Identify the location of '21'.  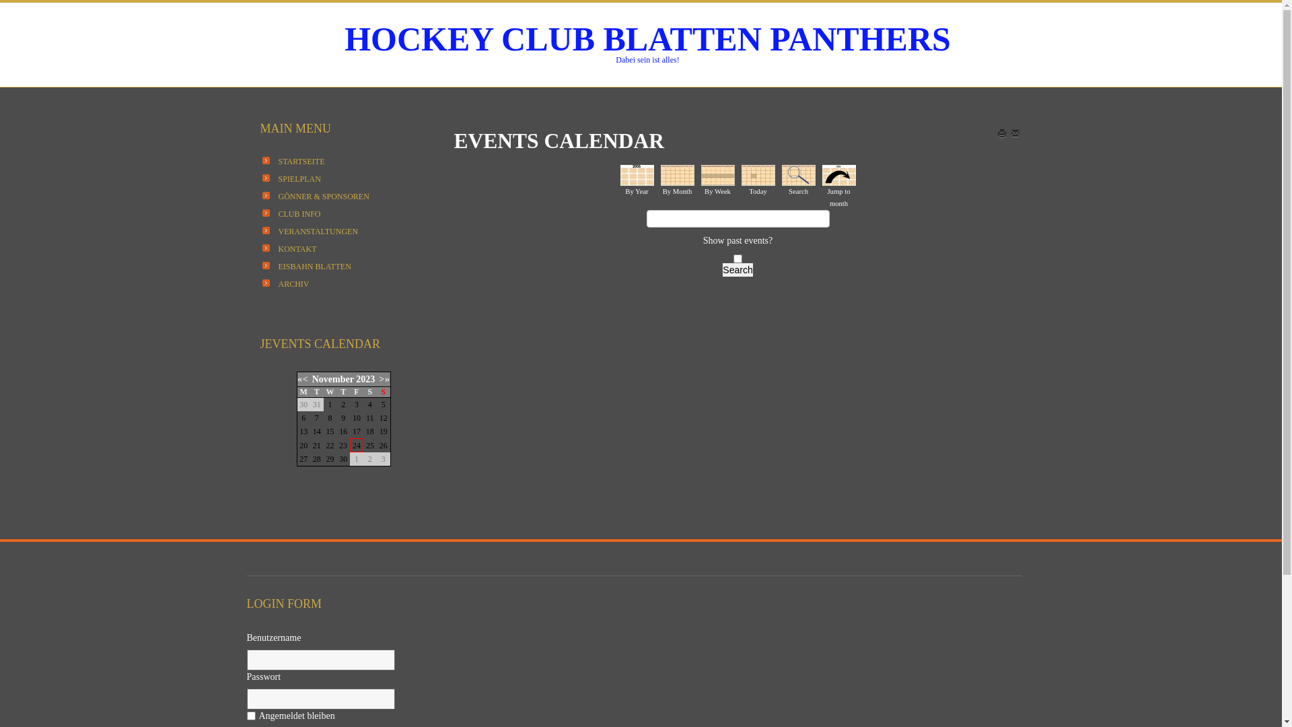
(316, 444).